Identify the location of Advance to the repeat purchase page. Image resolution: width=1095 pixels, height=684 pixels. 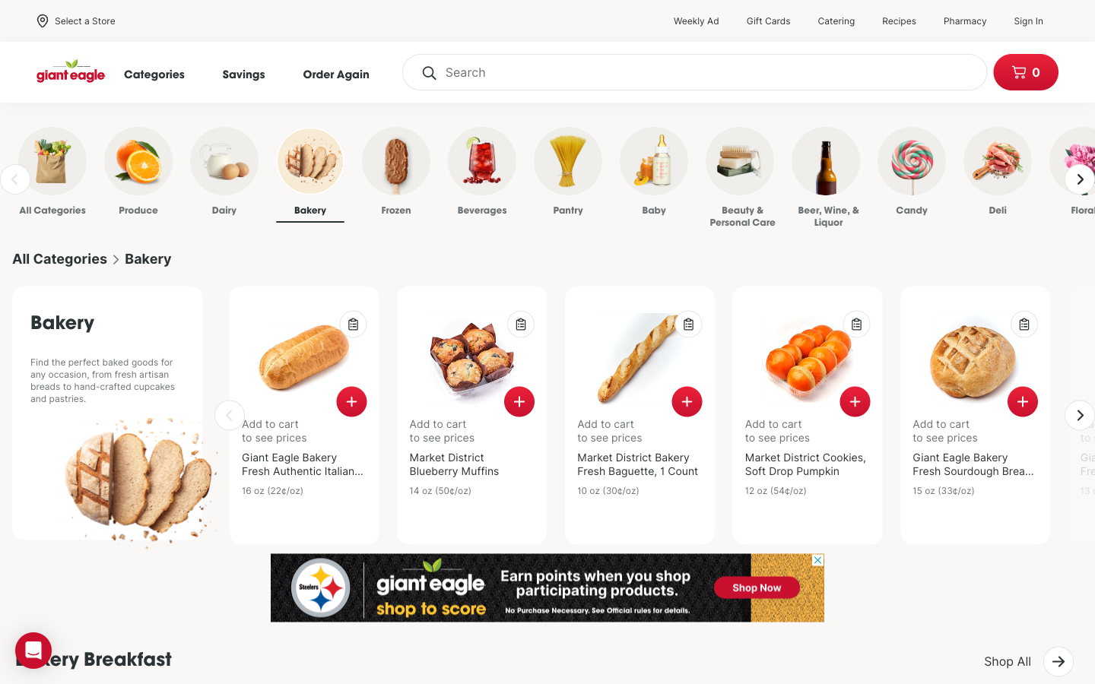
(344, 73).